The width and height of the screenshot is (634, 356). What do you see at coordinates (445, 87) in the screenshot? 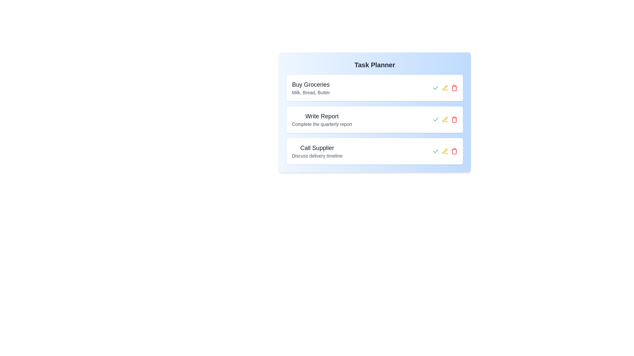
I see `the edit button for the task Buy Groceries` at bounding box center [445, 87].